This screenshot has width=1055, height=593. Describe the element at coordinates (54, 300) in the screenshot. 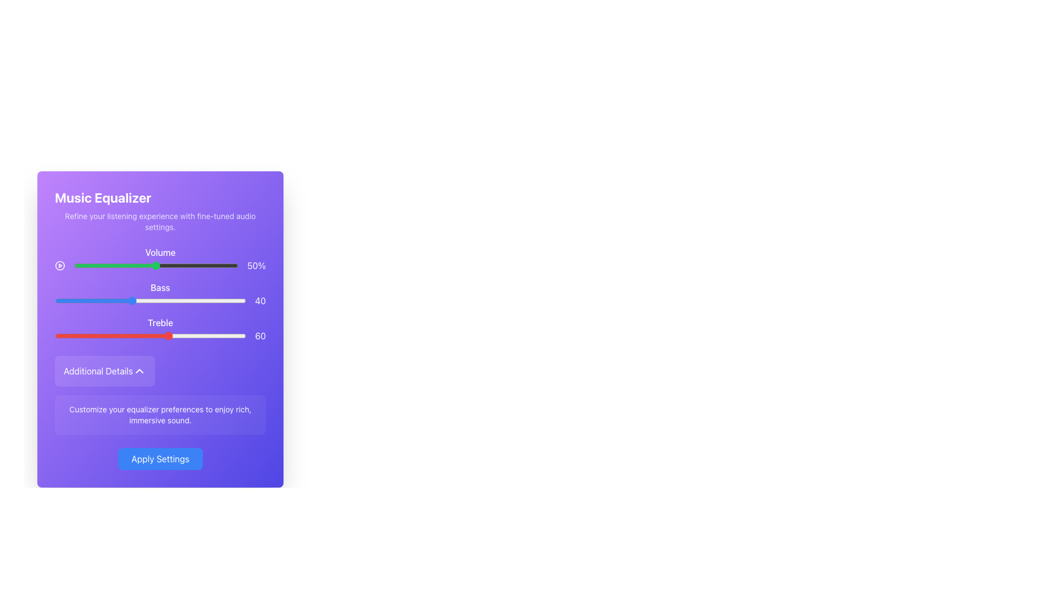

I see `the bass level` at that location.